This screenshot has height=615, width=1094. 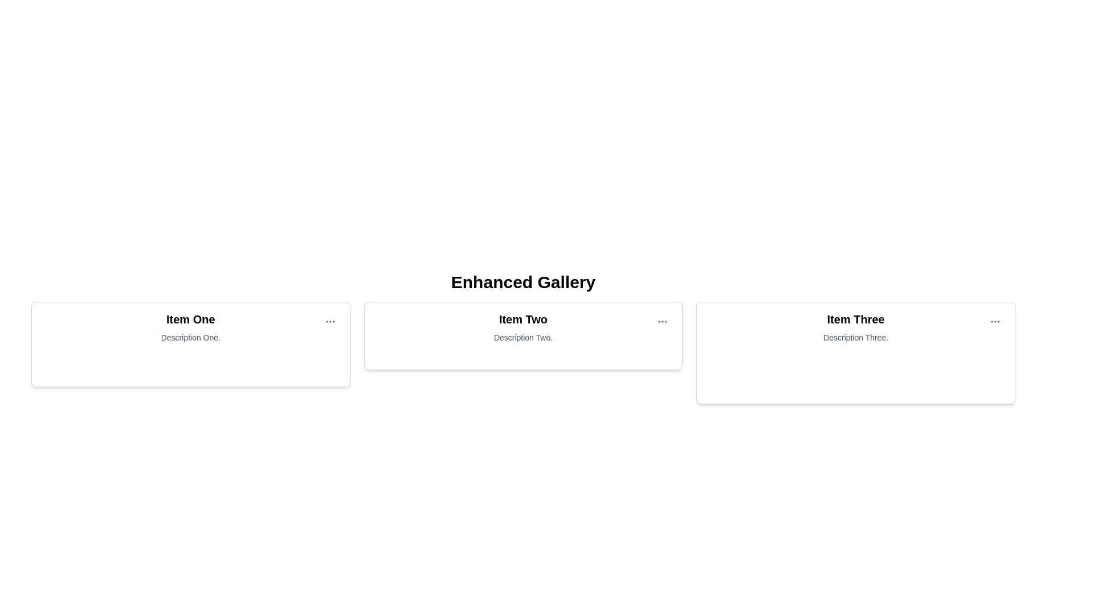 I want to click on the small button with an ellipsis icon located in the top-right corner of the 'Item Two' card by moving the cursor over it, so click(x=663, y=321).